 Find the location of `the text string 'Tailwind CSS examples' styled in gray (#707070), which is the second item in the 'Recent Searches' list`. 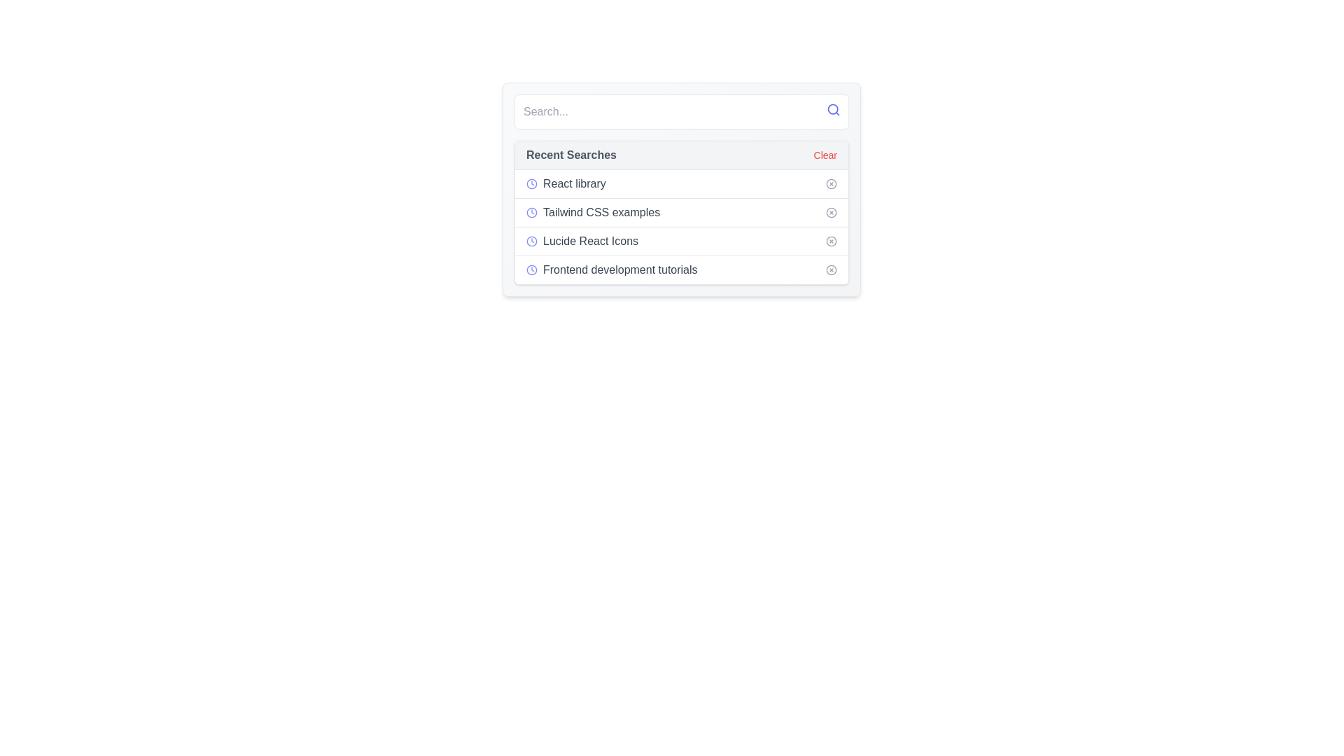

the text string 'Tailwind CSS examples' styled in gray (#707070), which is the second item in the 'Recent Searches' list is located at coordinates (601, 213).